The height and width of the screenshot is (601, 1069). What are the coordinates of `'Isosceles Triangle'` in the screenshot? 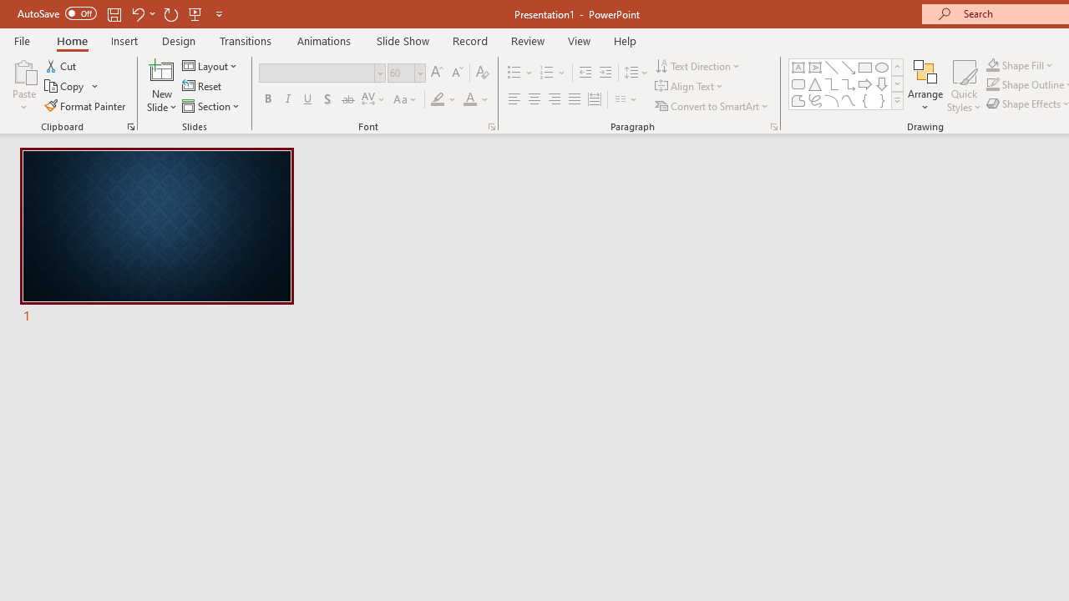 It's located at (815, 83).